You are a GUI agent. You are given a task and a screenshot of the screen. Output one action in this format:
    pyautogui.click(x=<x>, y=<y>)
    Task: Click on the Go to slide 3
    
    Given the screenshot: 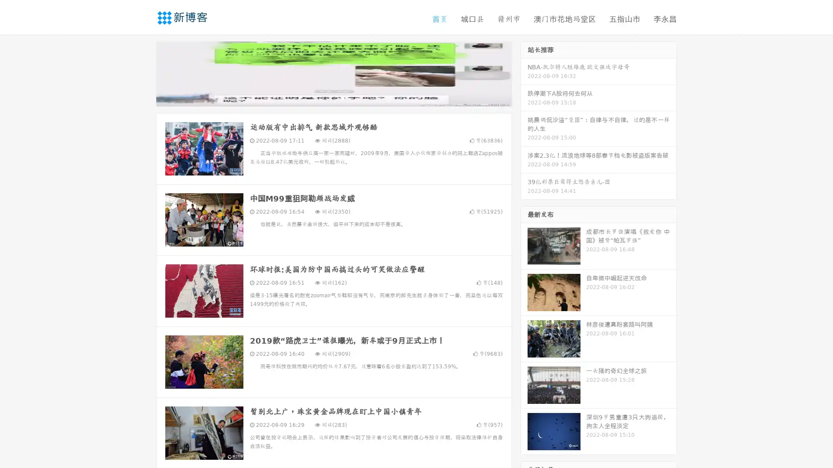 What is the action you would take?
    pyautogui.click(x=342, y=97)
    